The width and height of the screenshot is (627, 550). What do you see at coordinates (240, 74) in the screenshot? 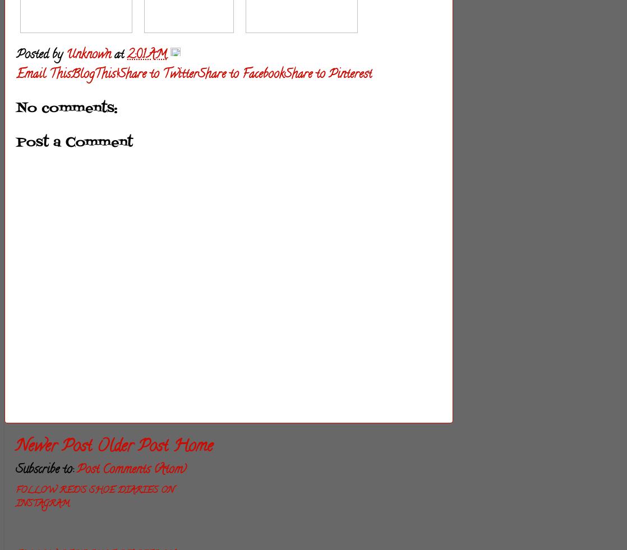
I see `'Share to Facebook'` at bounding box center [240, 74].